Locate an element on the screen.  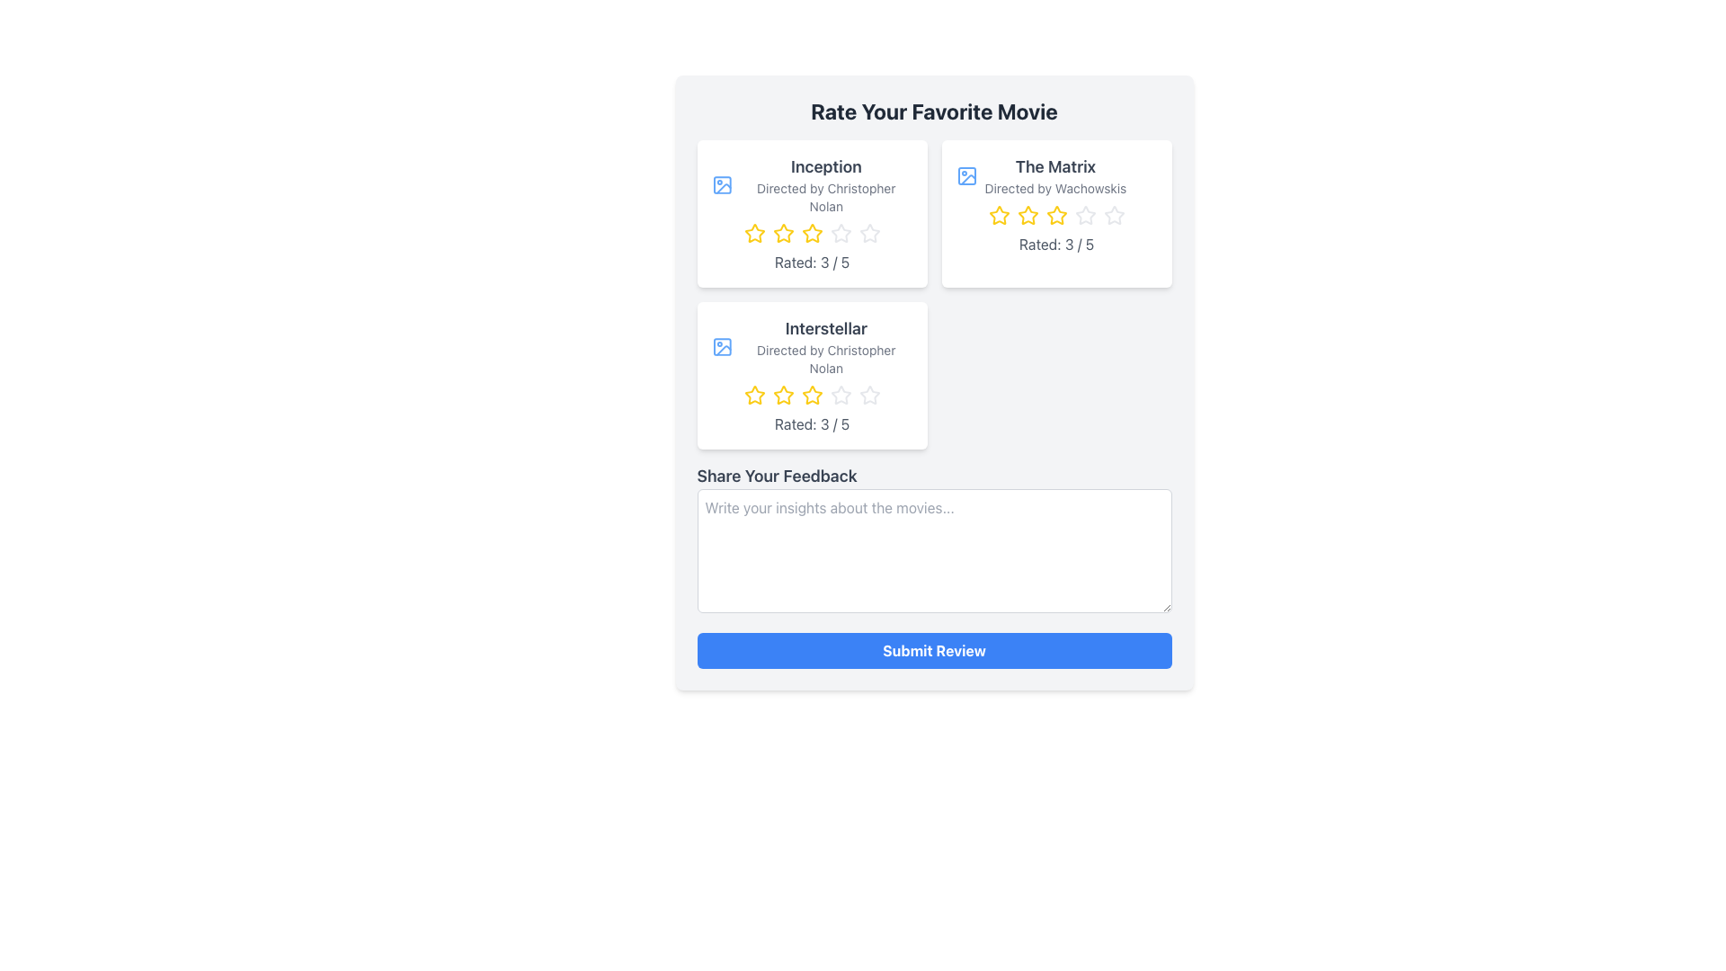
the third rating star located in the right card section under the title 'The Matrix' to rate it is located at coordinates (1083, 214).